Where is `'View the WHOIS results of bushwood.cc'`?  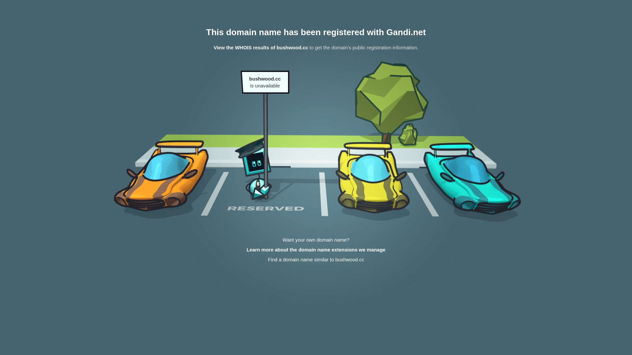
'View the WHOIS results of bushwood.cc' is located at coordinates (260, 47).